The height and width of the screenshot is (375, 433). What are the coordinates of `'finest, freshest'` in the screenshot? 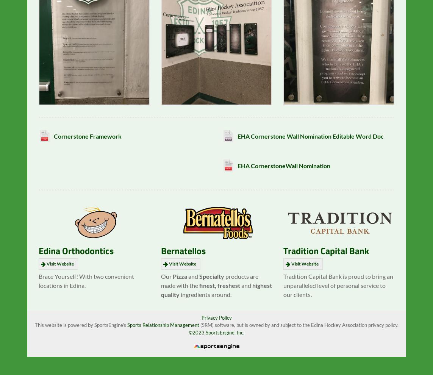 It's located at (219, 291).